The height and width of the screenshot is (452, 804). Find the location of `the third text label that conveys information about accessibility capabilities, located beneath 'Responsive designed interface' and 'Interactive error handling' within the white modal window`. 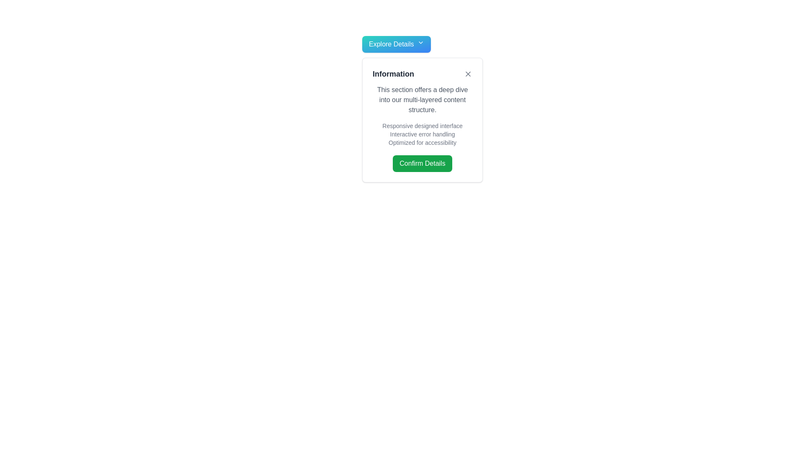

the third text label that conveys information about accessibility capabilities, located beneath 'Responsive designed interface' and 'Interactive error handling' within the white modal window is located at coordinates (422, 142).